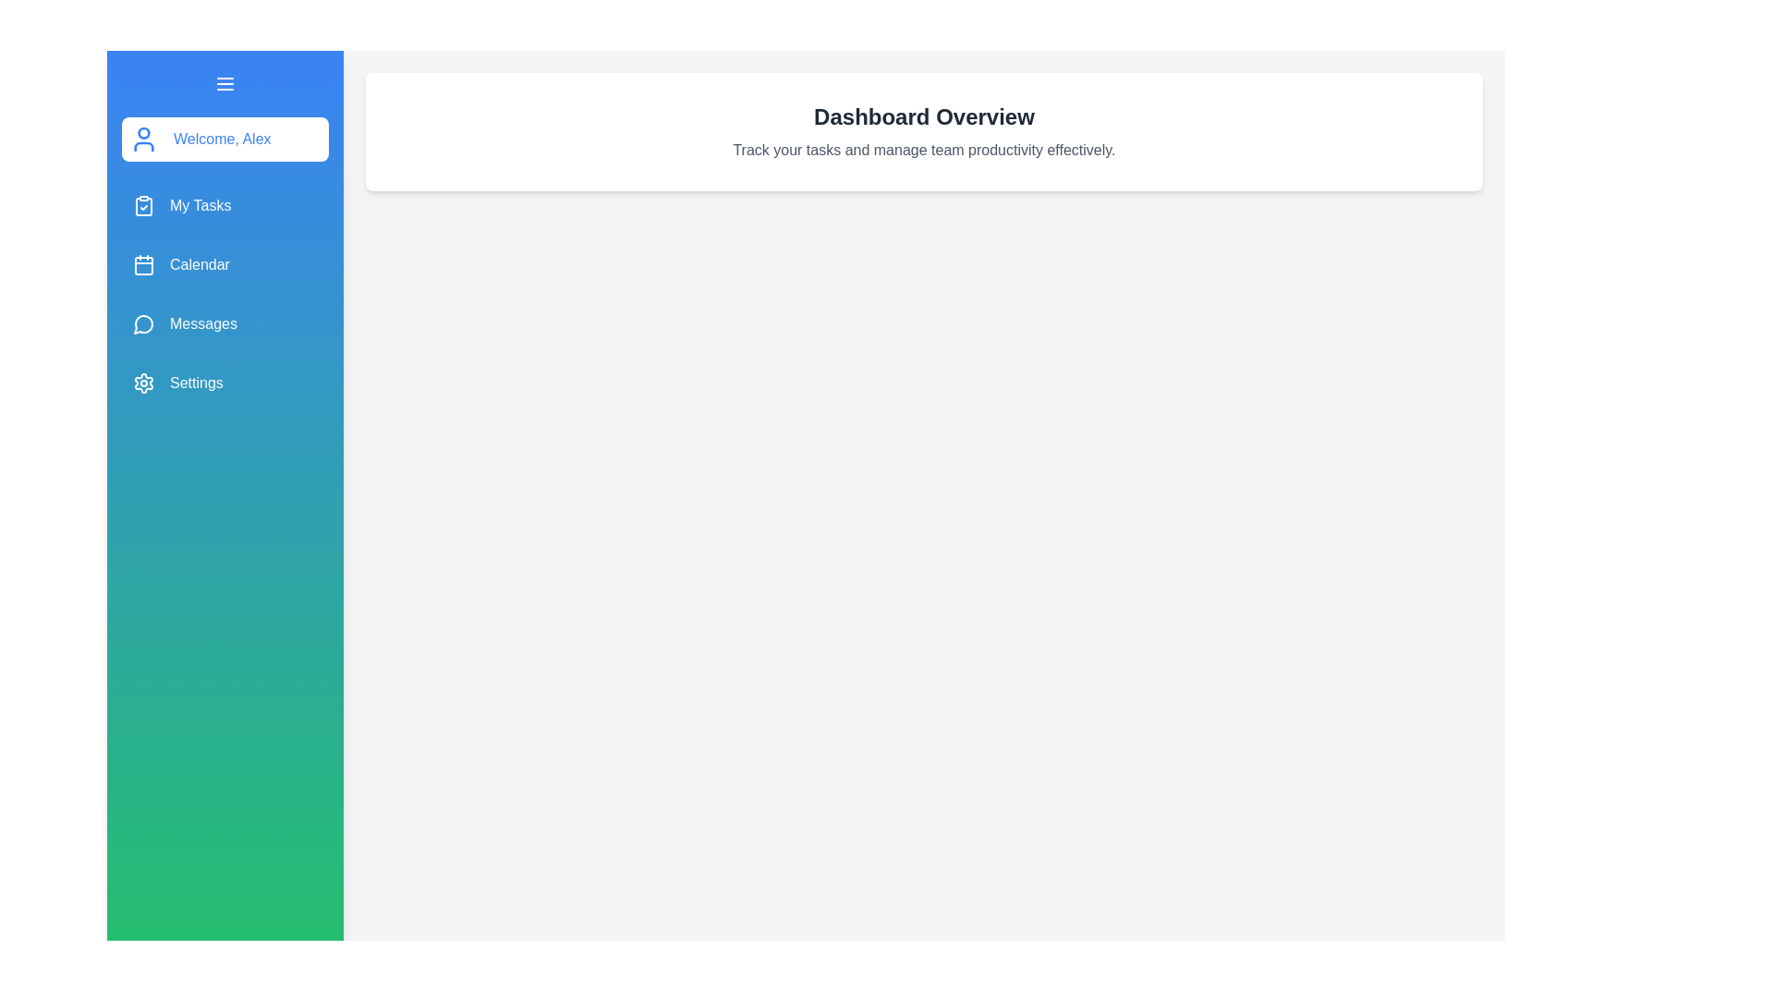 The height and width of the screenshot is (998, 1774). Describe the element at coordinates (225, 206) in the screenshot. I see `the 'My Tasks' menu item` at that location.